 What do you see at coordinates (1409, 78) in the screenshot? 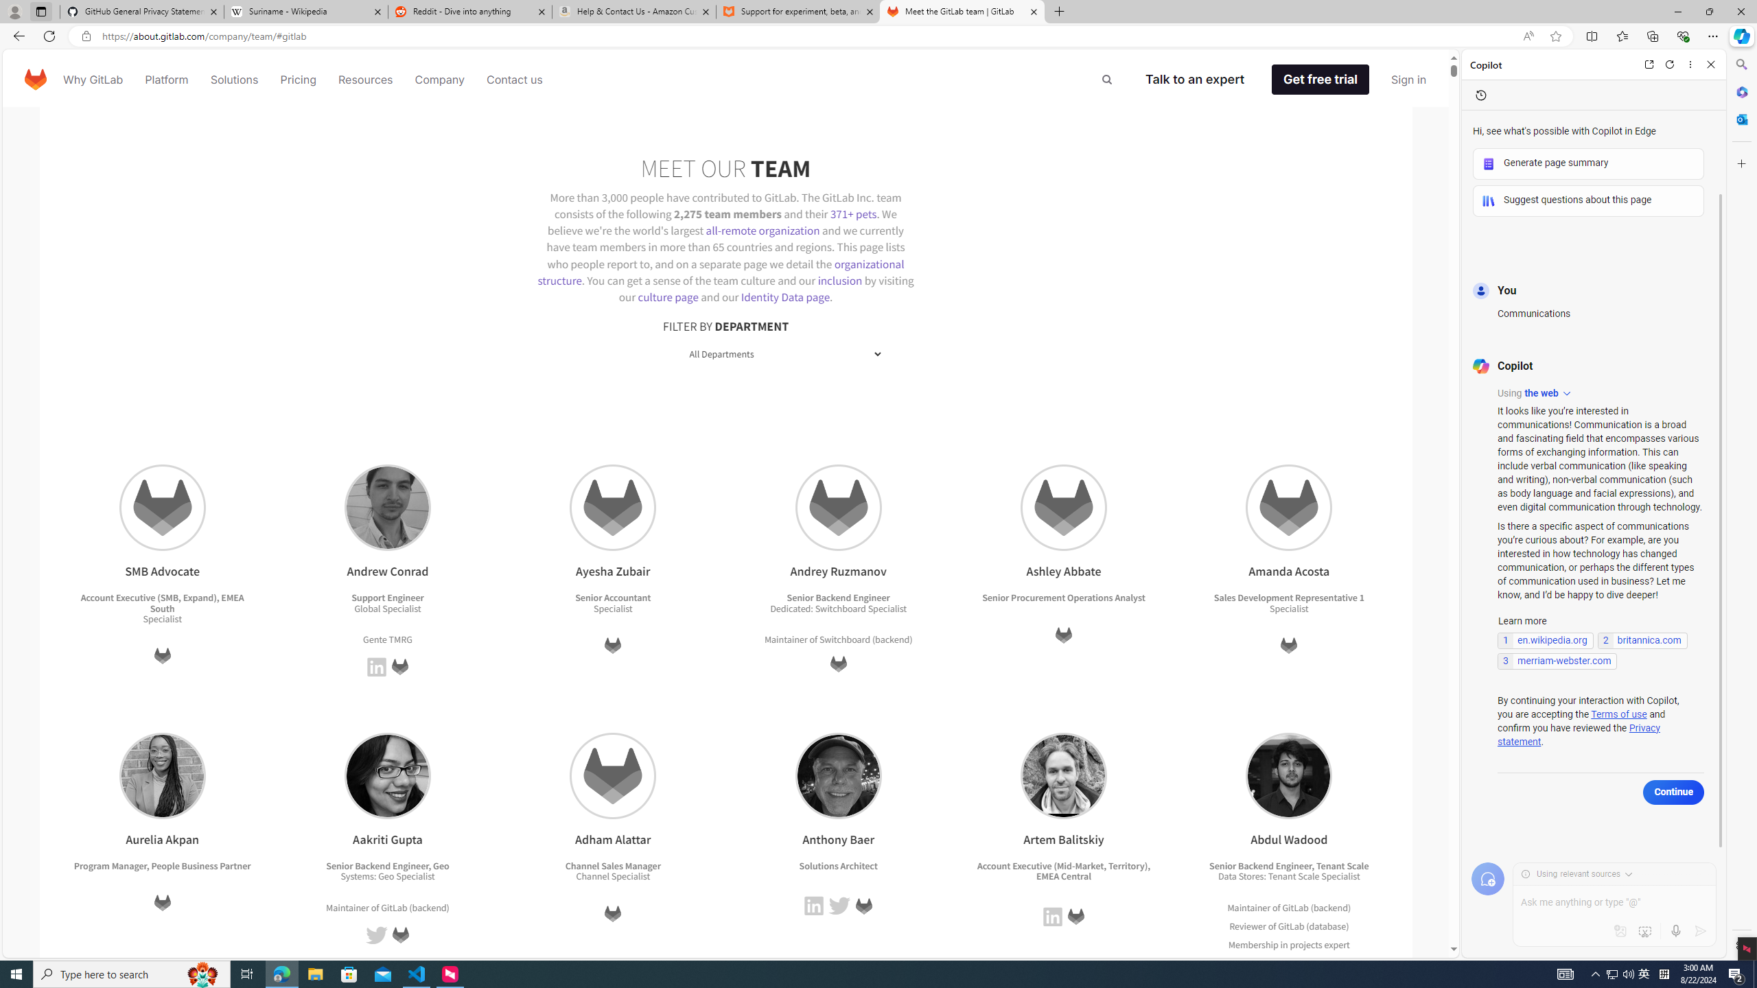
I see `'Sign in'` at bounding box center [1409, 78].